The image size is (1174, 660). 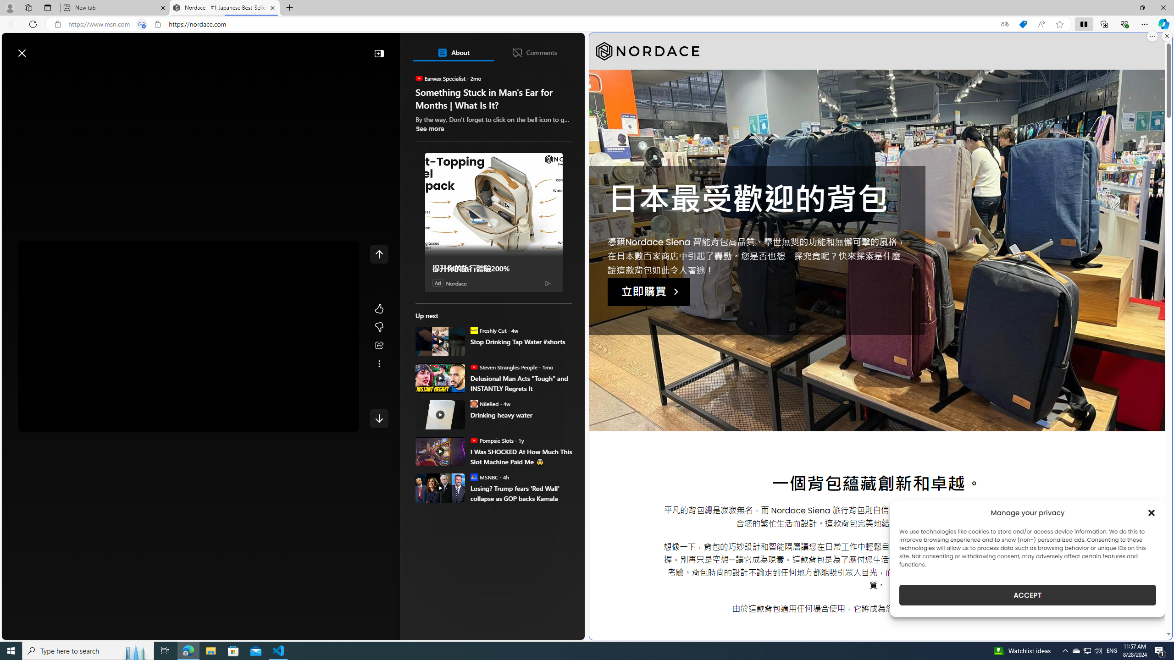 I want to click on 'Pompsie Slots', so click(x=473, y=440).